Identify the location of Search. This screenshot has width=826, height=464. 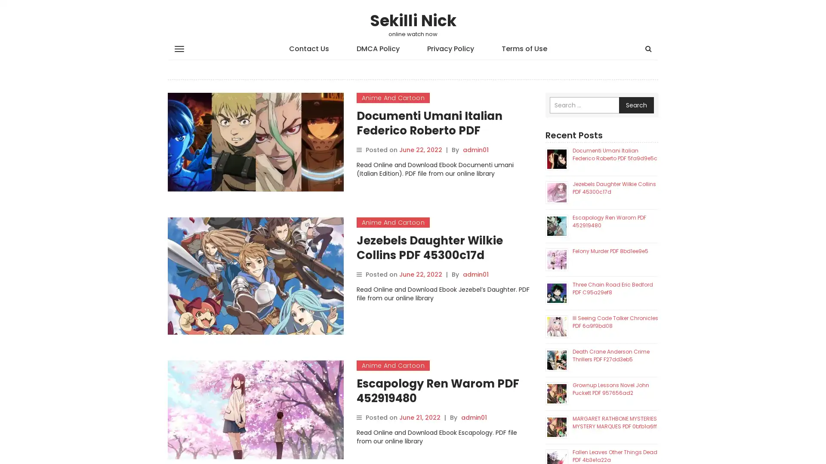
(636, 105).